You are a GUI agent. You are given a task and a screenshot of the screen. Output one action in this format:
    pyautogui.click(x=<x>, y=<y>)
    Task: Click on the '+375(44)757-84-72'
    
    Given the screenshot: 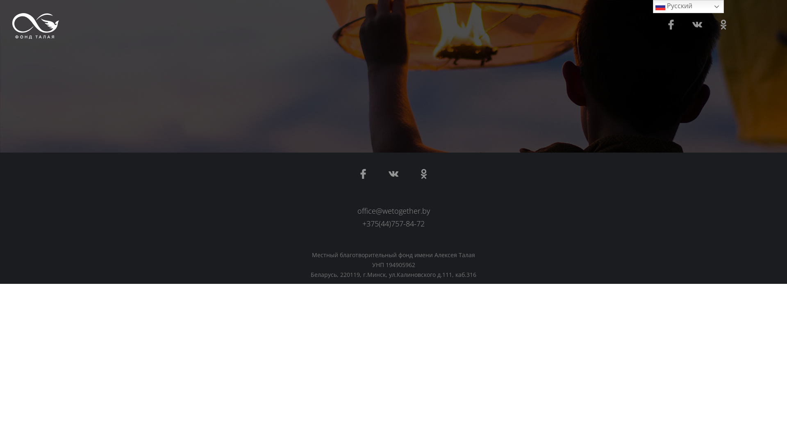 What is the action you would take?
    pyautogui.click(x=393, y=223)
    